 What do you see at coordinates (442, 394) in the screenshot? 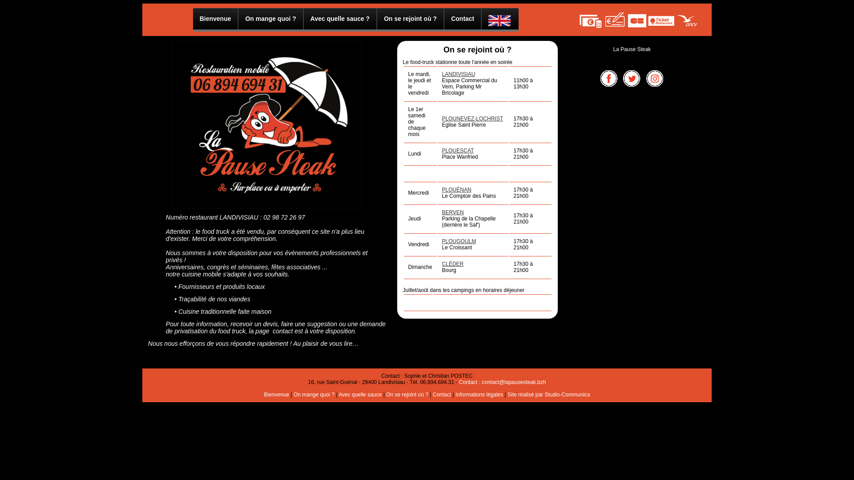
I see `'Contact'` at bounding box center [442, 394].